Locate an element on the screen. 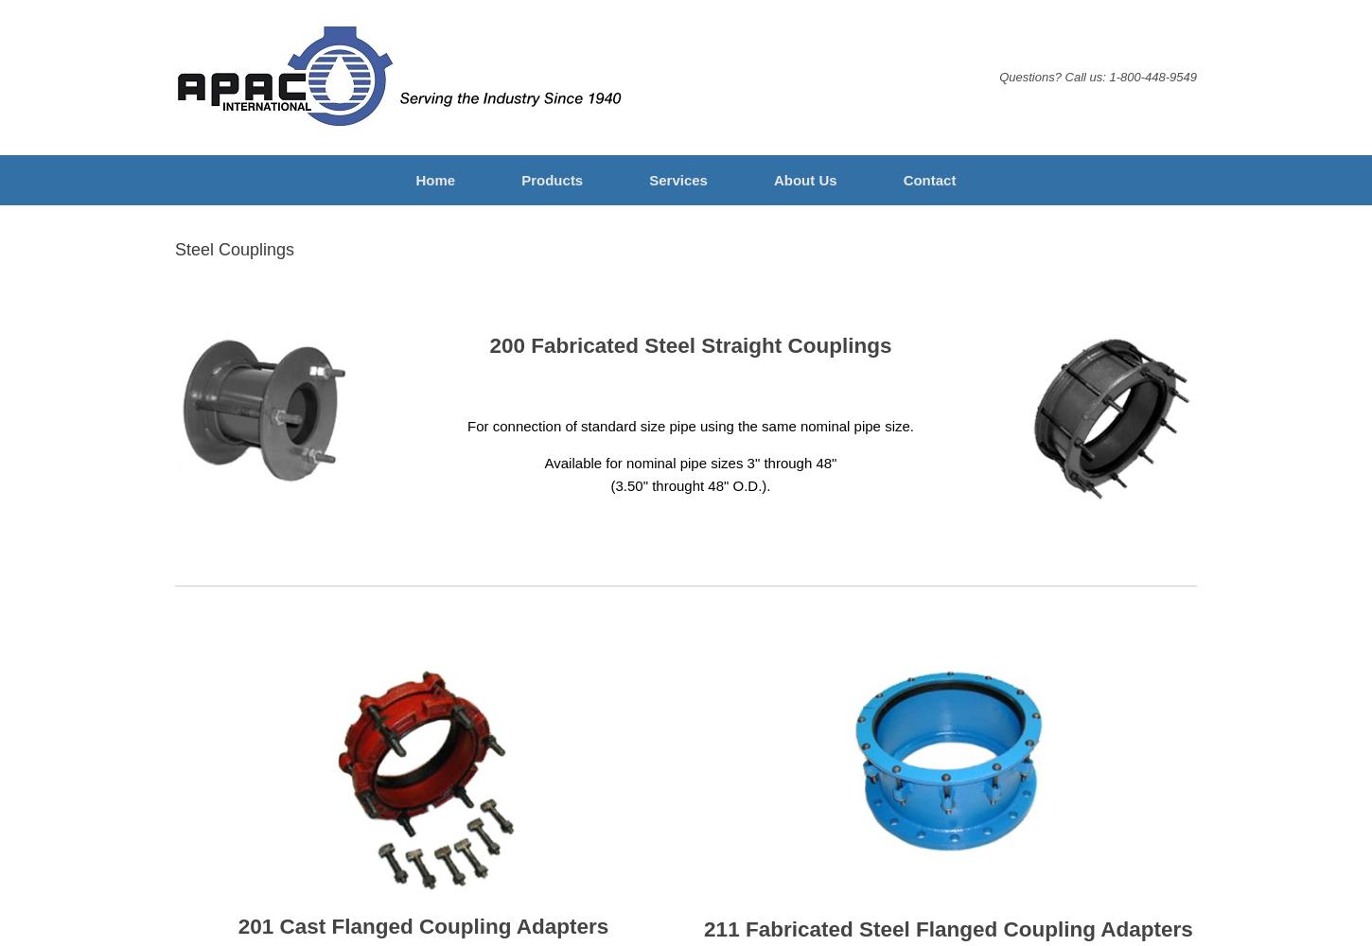  '211 Fabricated Steel Flanged Coupling Adapters' is located at coordinates (947, 927).